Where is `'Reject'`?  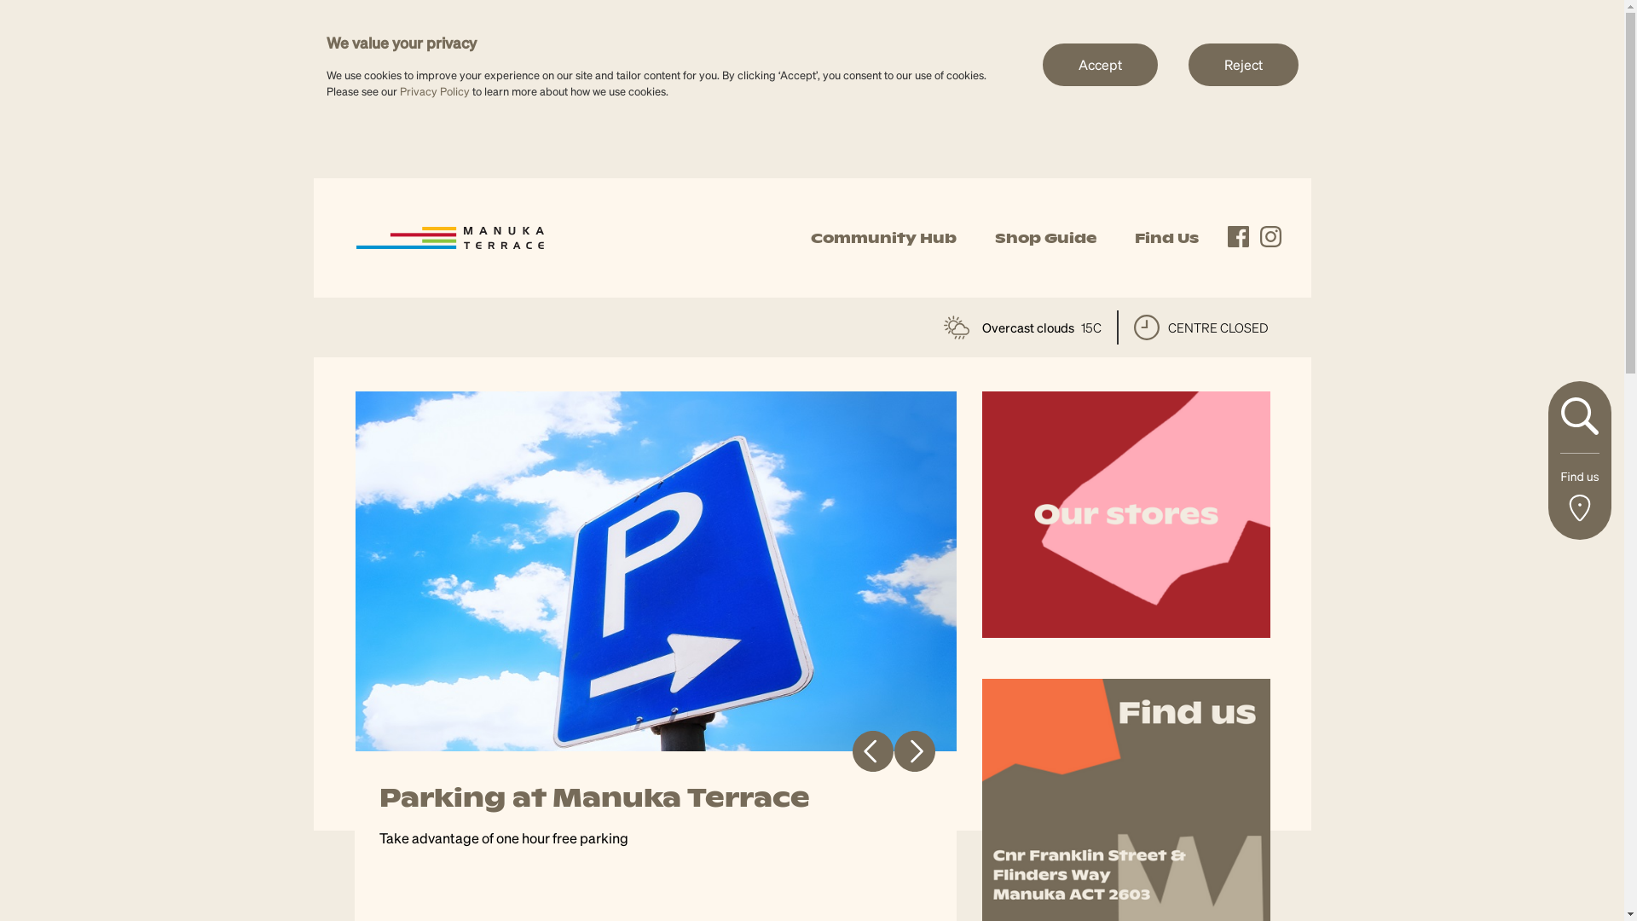
'Reject' is located at coordinates (1243, 62).